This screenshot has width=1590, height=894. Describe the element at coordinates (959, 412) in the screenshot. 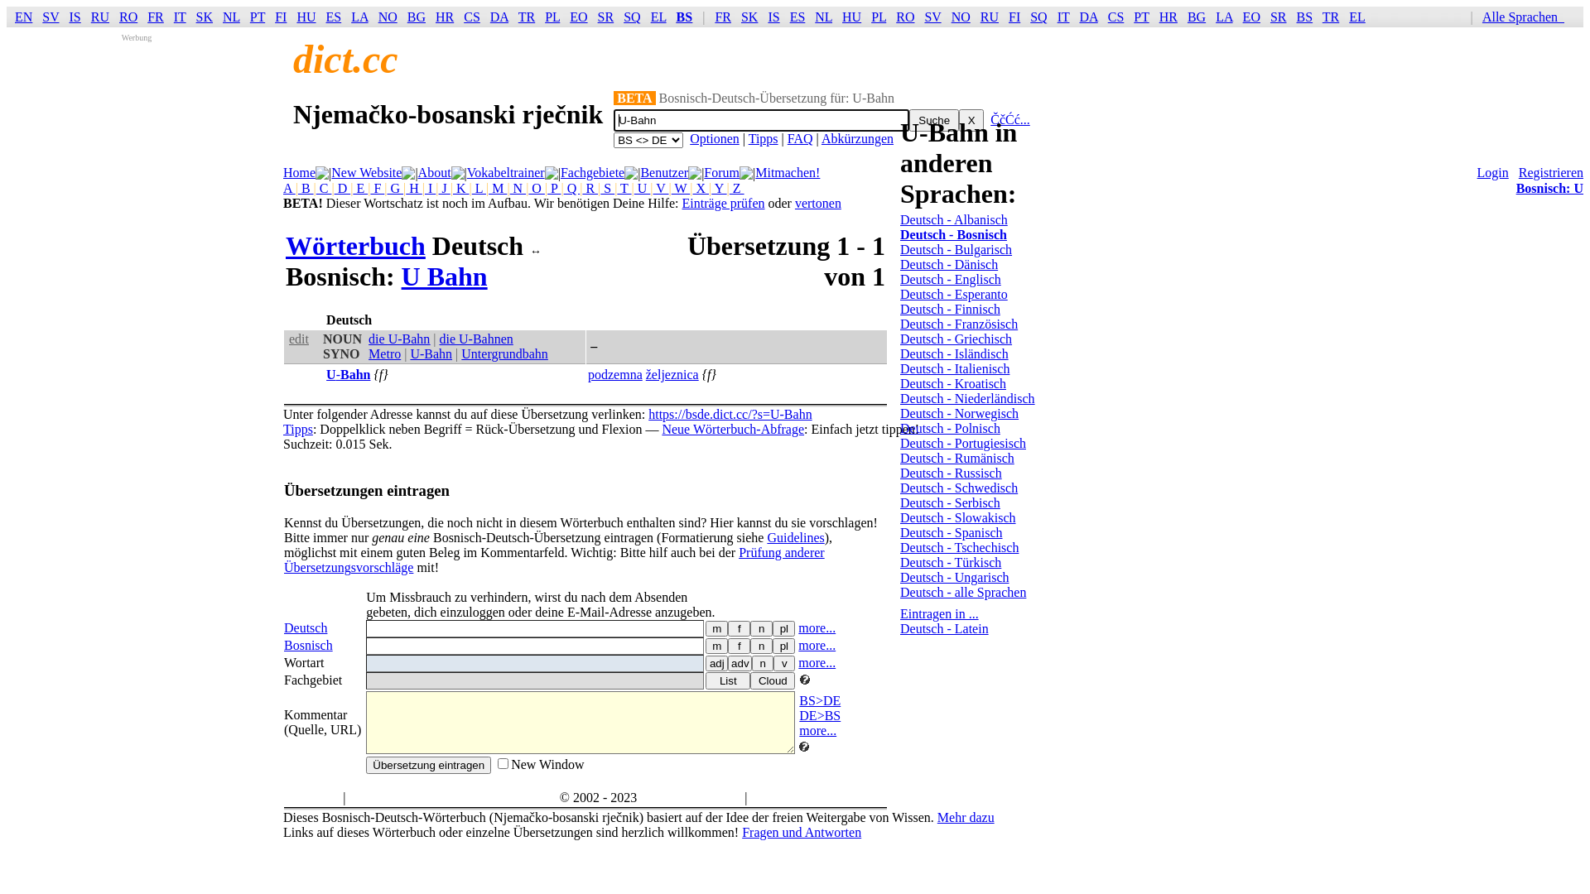

I see `'Deutsch - Norwegisch'` at that location.